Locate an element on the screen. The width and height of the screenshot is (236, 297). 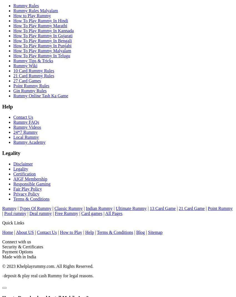
'Deal rummy' is located at coordinates (40, 213).